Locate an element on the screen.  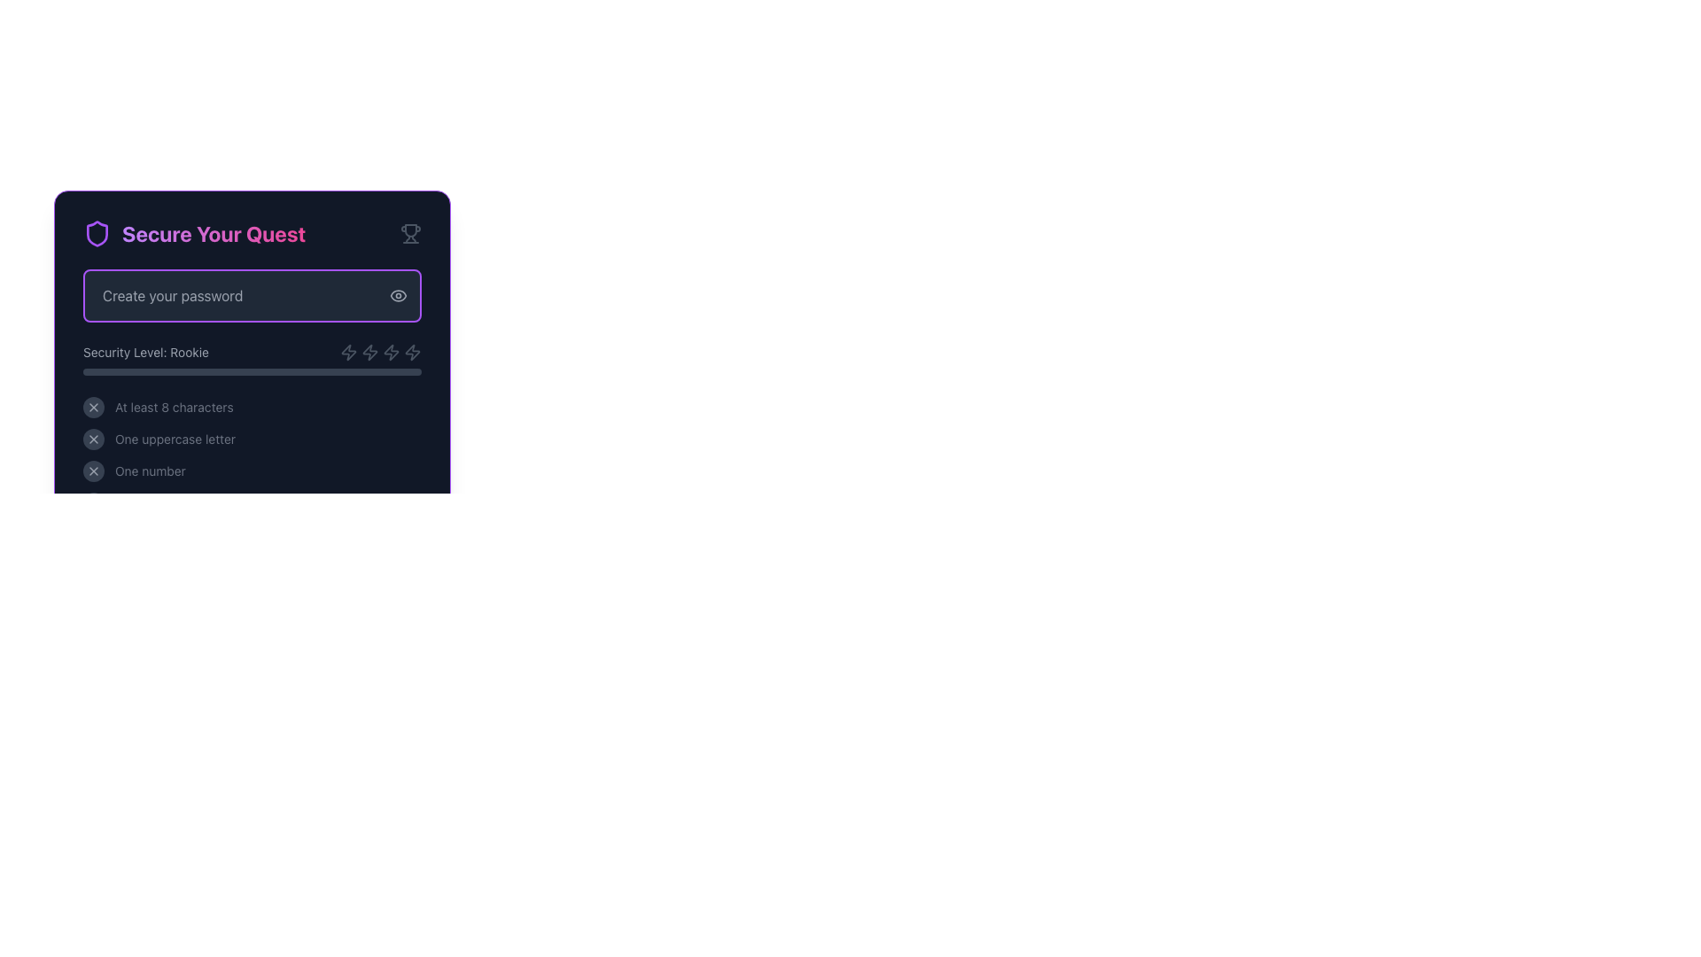
the password input field with the placeholder 'Create your password' is located at coordinates (251, 295).